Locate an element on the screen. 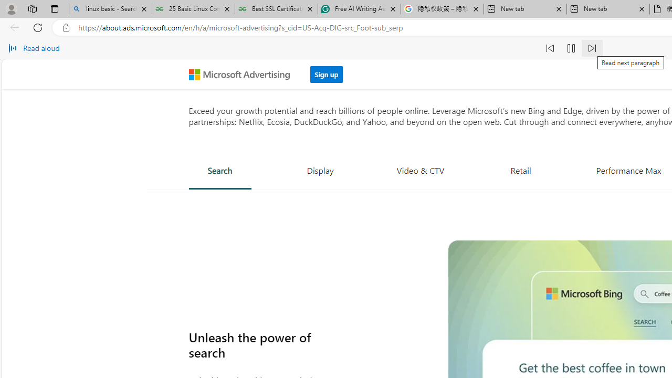 Image resolution: width=672 pixels, height=378 pixels. 'Free AI Writing Assistance for Students | Grammarly' is located at coordinates (359, 9).